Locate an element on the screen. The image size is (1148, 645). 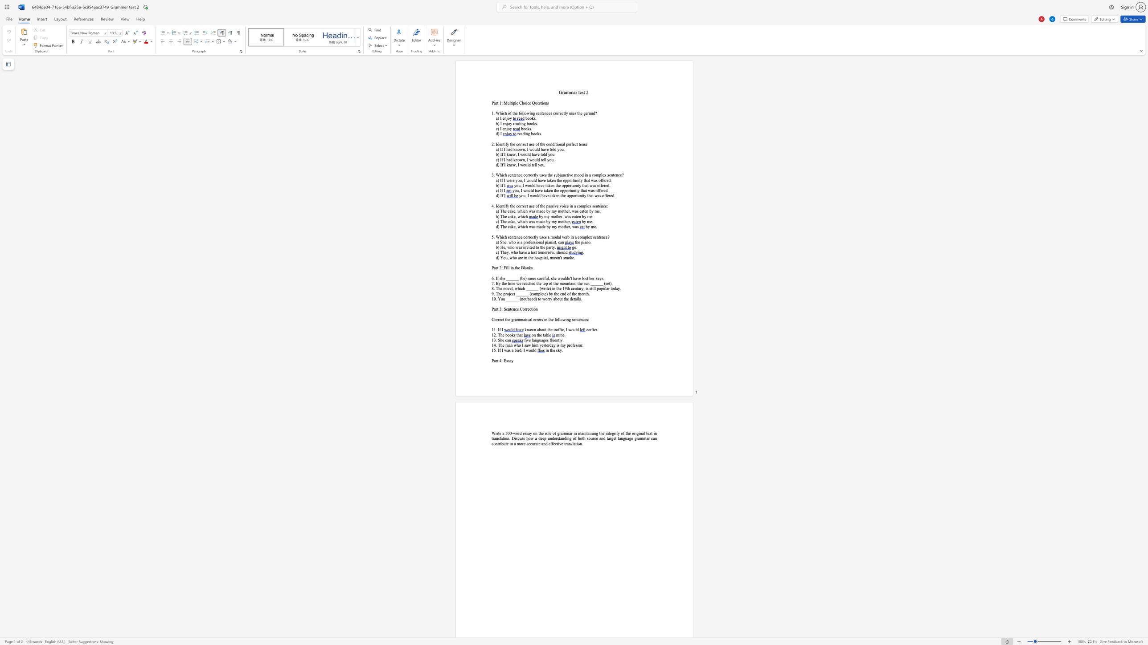
the space between the continuous character "i" and "n" in the text is located at coordinates (586, 174).